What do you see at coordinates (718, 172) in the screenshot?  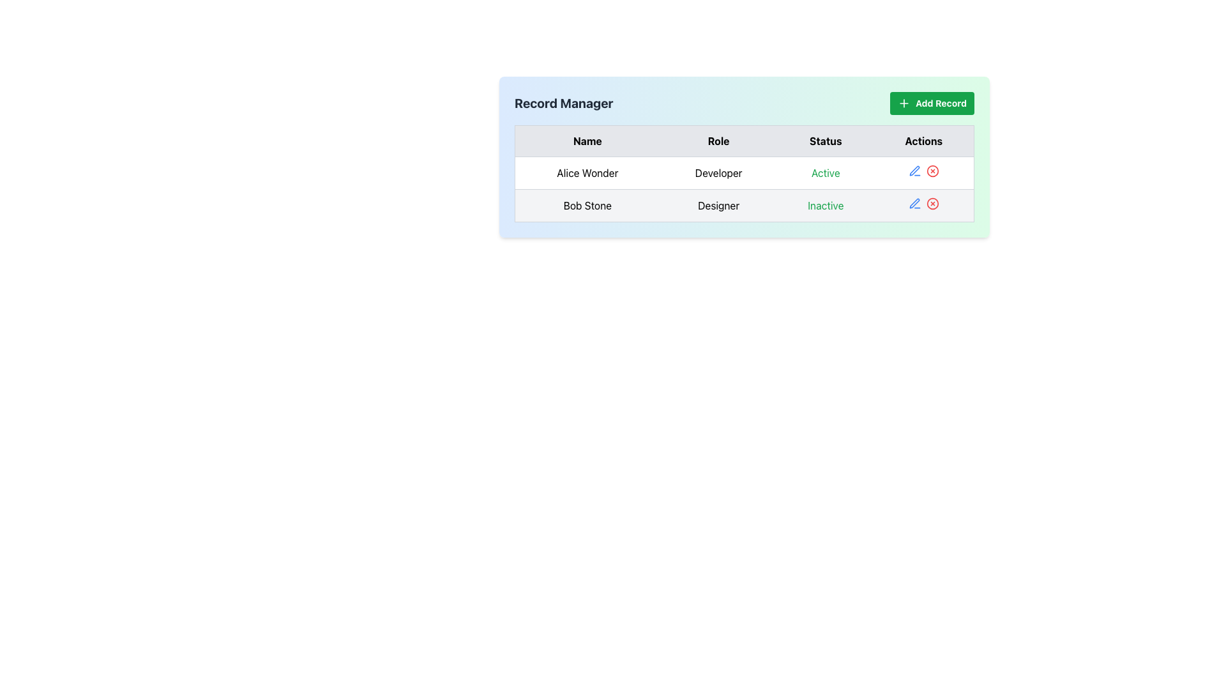 I see `the 'Developer' label, which is the second cell in the first data row of the 'Role' column in the 'Record Manager' table` at bounding box center [718, 172].